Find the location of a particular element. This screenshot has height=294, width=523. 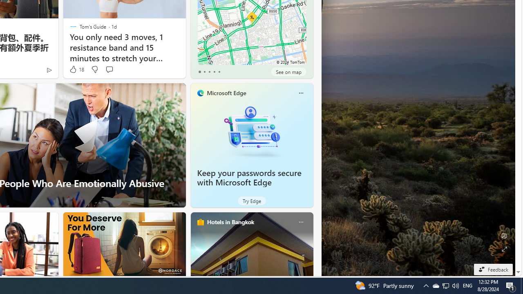

'Edit Background' is located at coordinates (503, 236).